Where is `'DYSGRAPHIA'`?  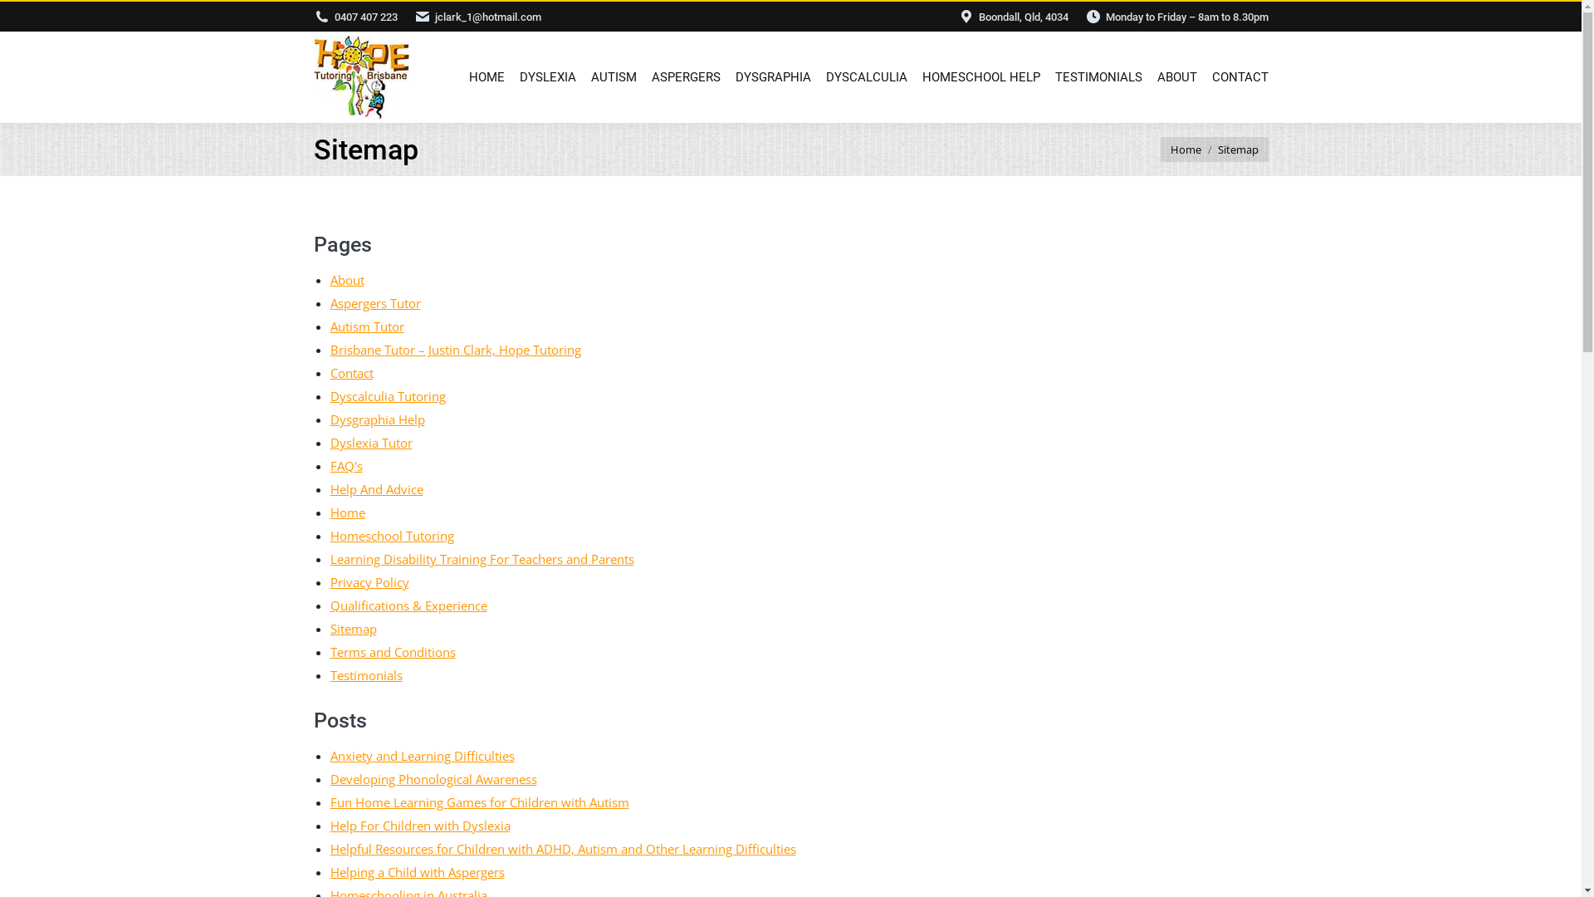 'DYSGRAPHIA' is located at coordinates (769, 76).